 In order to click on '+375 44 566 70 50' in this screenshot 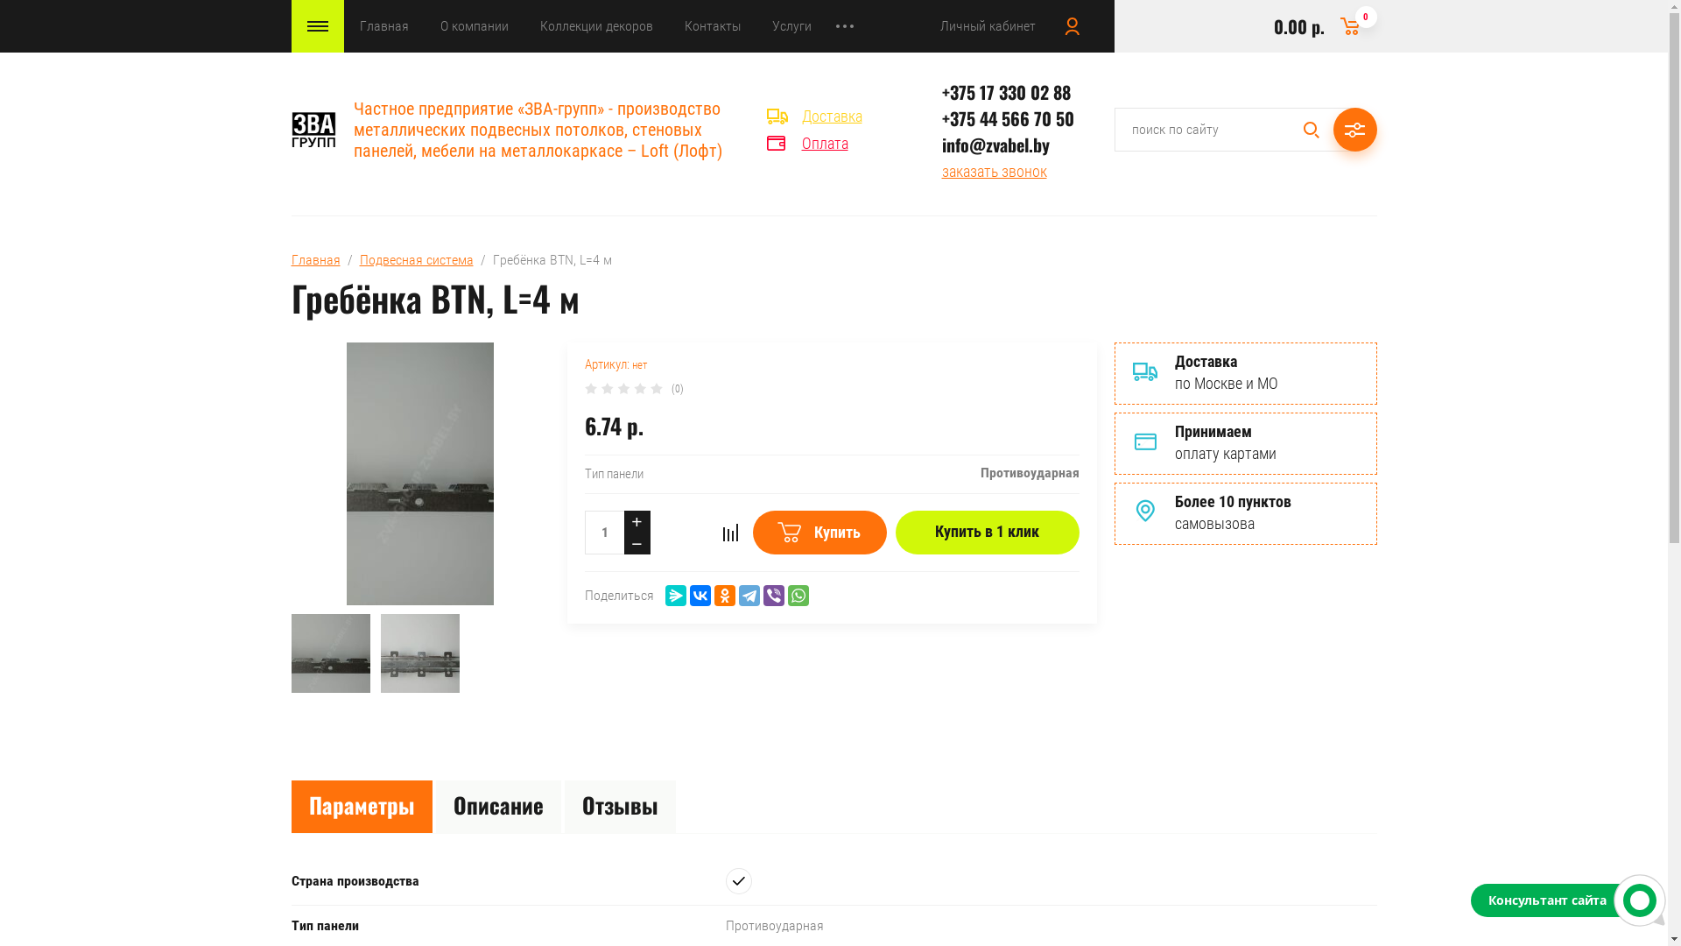, I will do `click(940, 118)`.